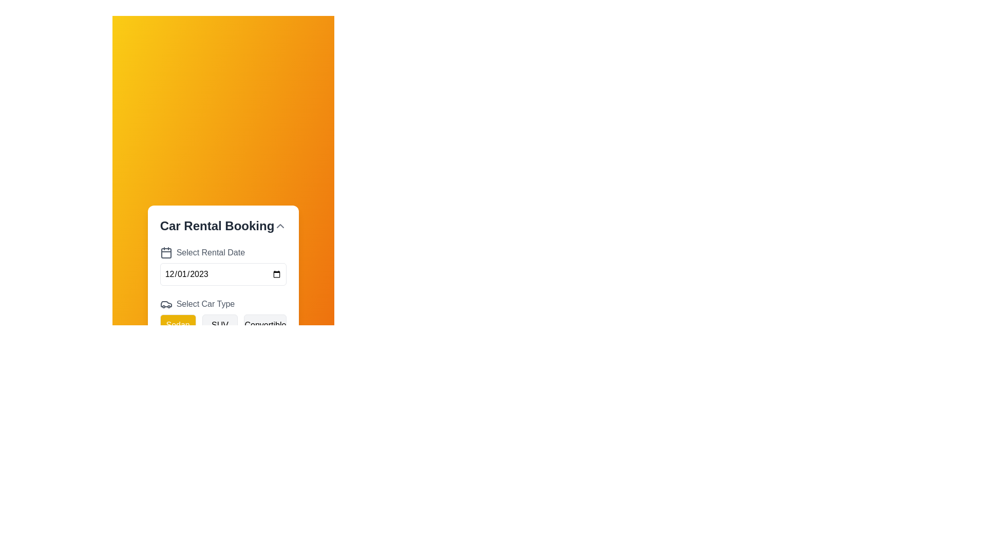 The width and height of the screenshot is (986, 555). Describe the element at coordinates (280, 225) in the screenshot. I see `the toggle icon button located to the far right of the 'Car Rental Booking' title text` at that location.